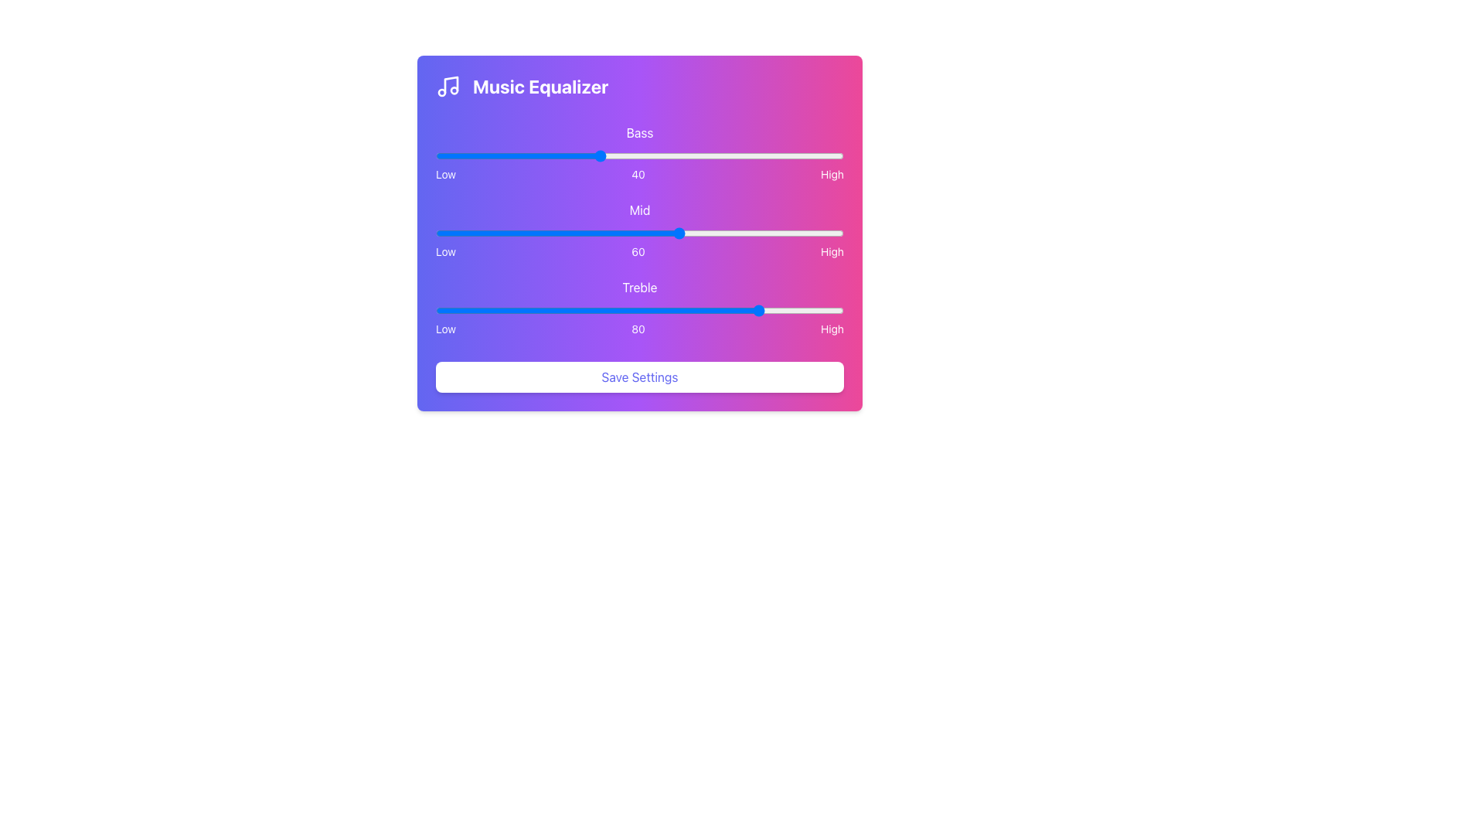  Describe the element at coordinates (444, 328) in the screenshot. I see `the text label indicating the lower range for the 'Treble' slider, which is the first label in a group of three ('Low', '80', 'High') located below the 'Treble' slider` at that location.